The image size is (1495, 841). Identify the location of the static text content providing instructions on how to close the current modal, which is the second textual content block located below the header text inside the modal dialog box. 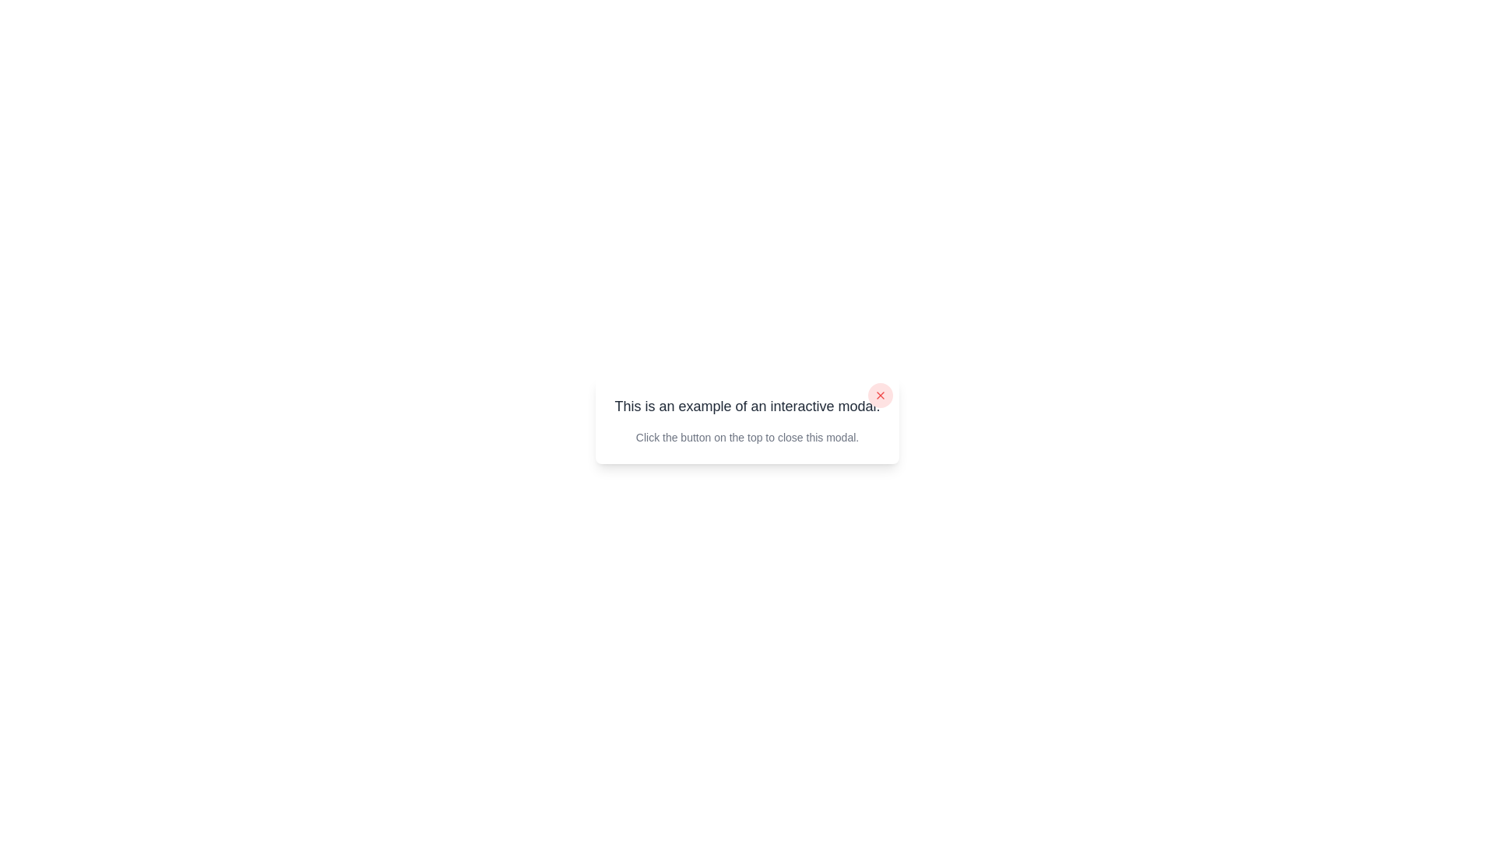
(747, 438).